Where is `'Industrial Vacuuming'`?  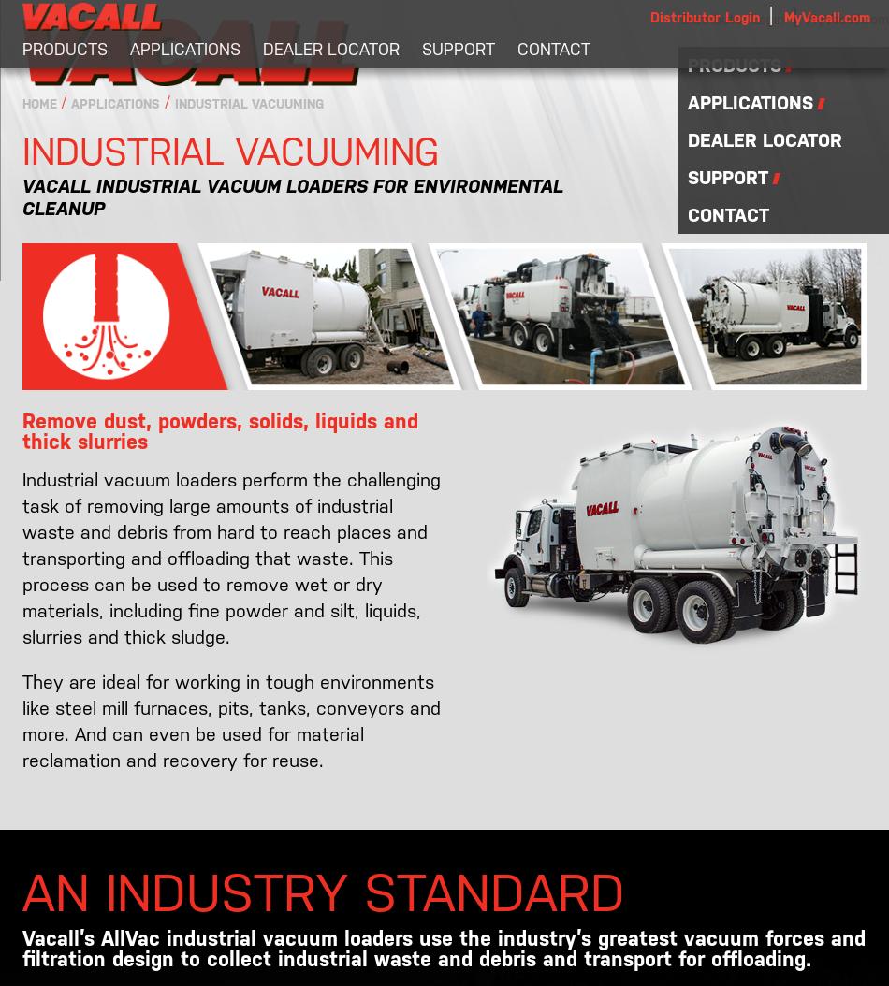 'Industrial Vacuuming' is located at coordinates (110, 143).